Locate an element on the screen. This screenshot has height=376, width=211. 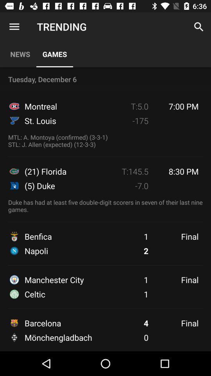
icon next to games item is located at coordinates (20, 54).